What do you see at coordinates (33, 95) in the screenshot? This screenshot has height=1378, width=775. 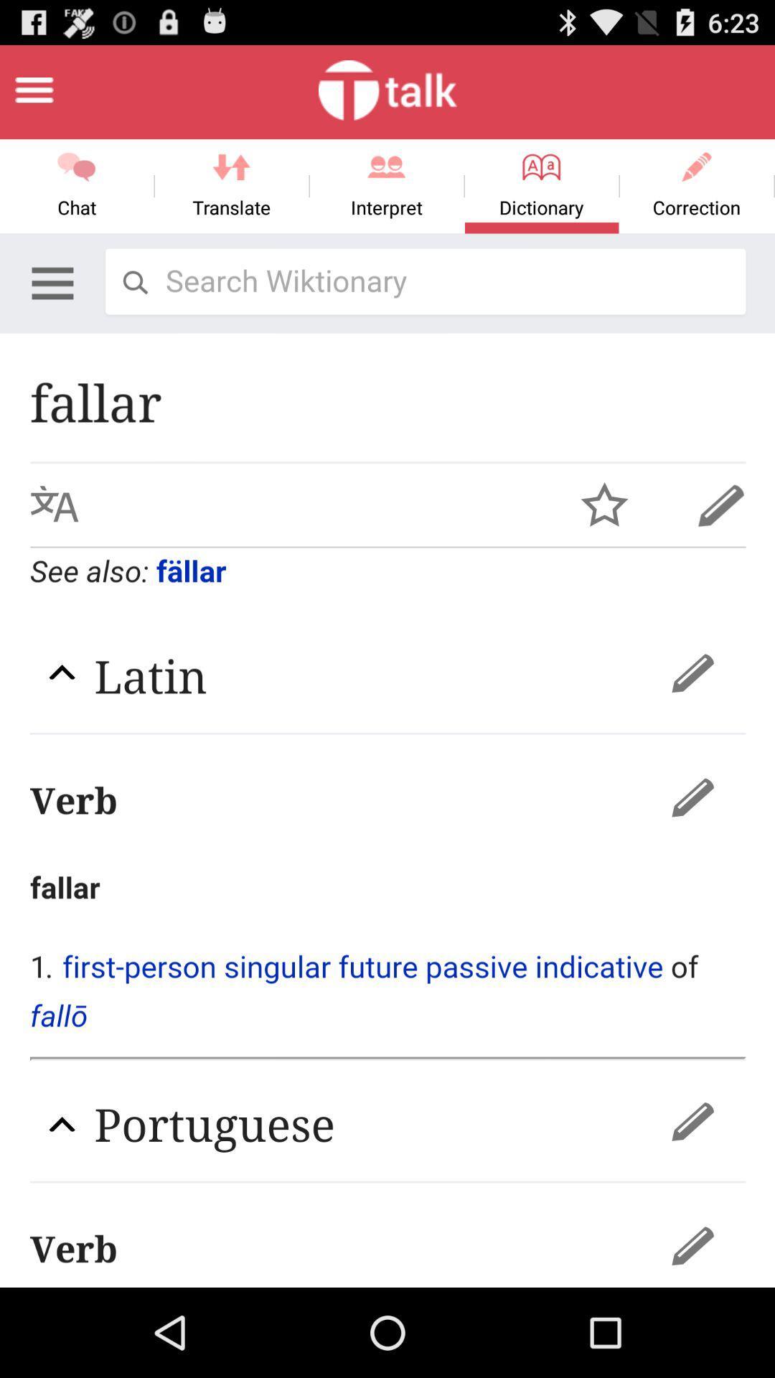 I see `the menu icon` at bounding box center [33, 95].